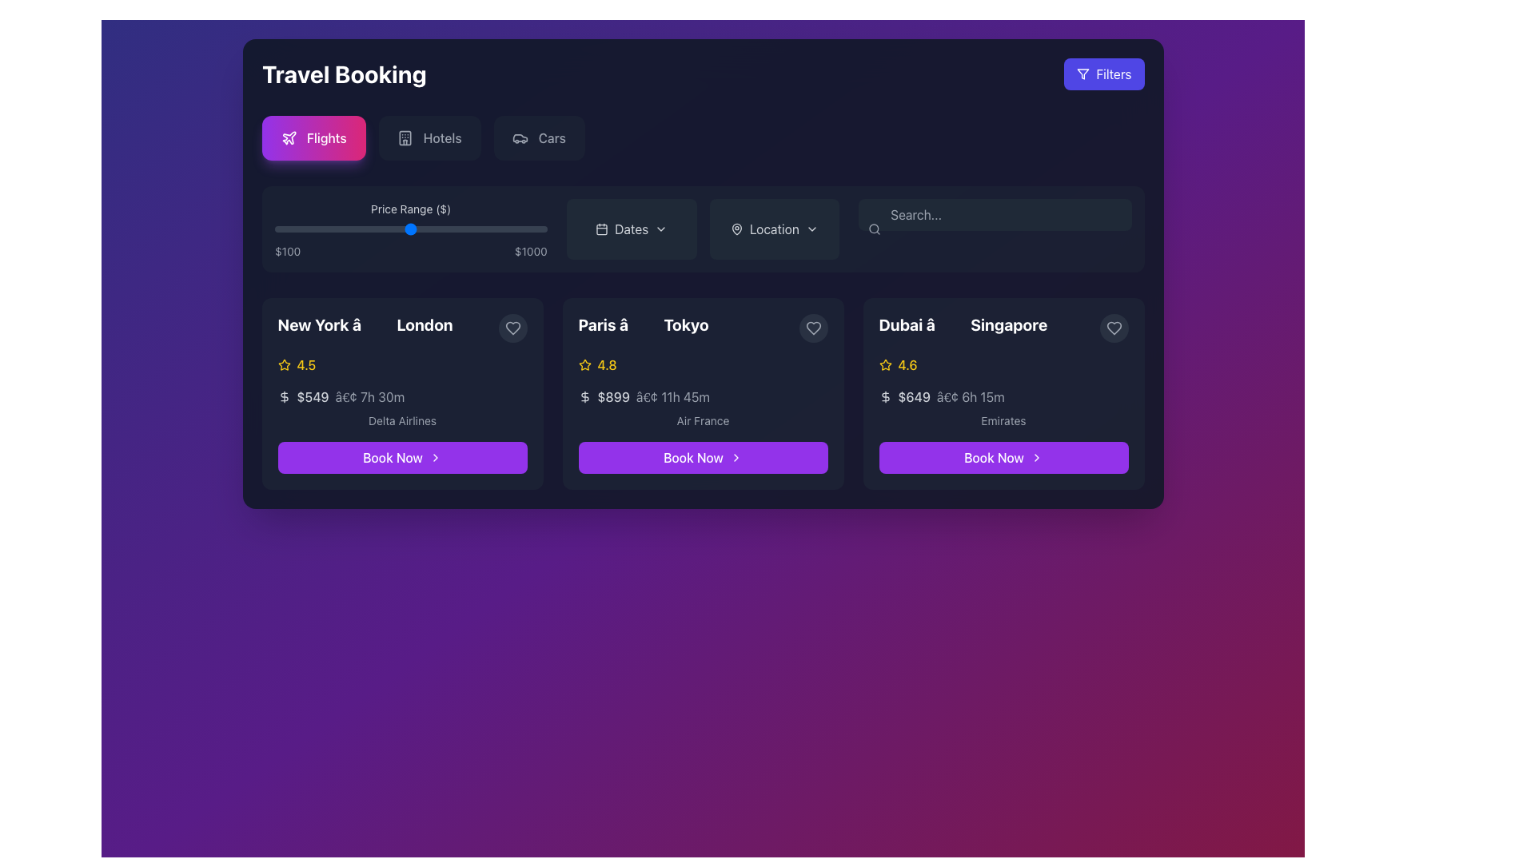 The height and width of the screenshot is (863, 1535). I want to click on the dollar symbol icon, which is styled in a gray stroke and located to the left of the price text '$649' on the flight card from Dubai to Singapore, so click(884, 396).